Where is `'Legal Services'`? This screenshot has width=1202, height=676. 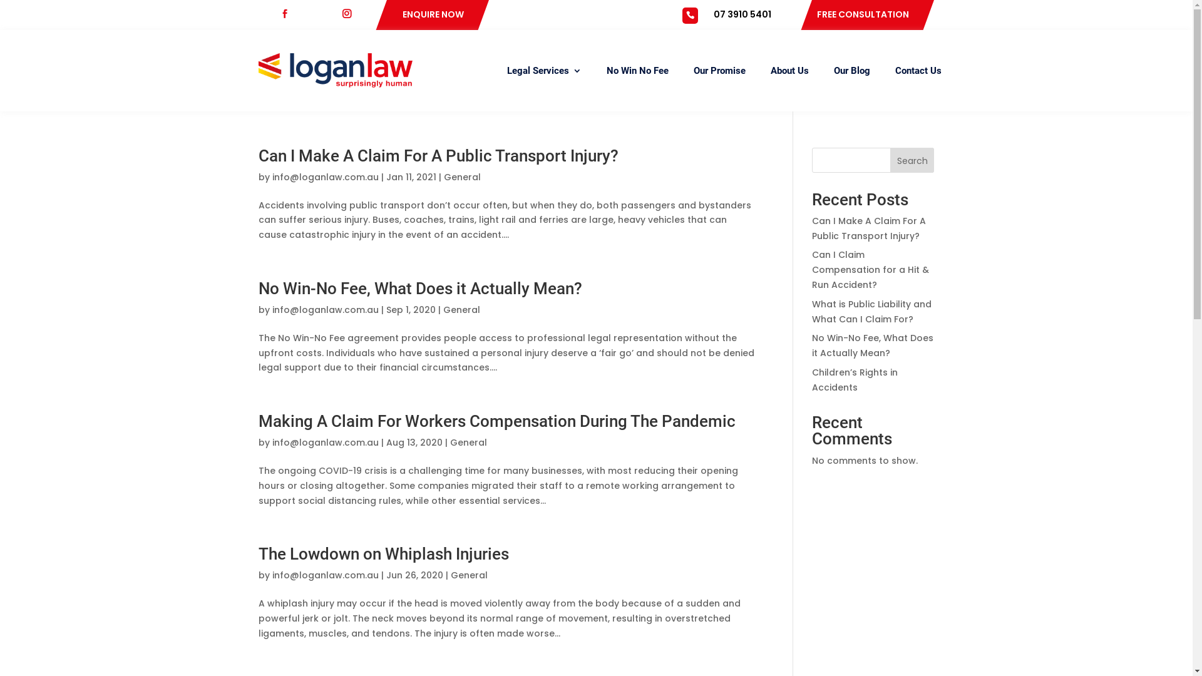 'Legal Services' is located at coordinates (544, 70).